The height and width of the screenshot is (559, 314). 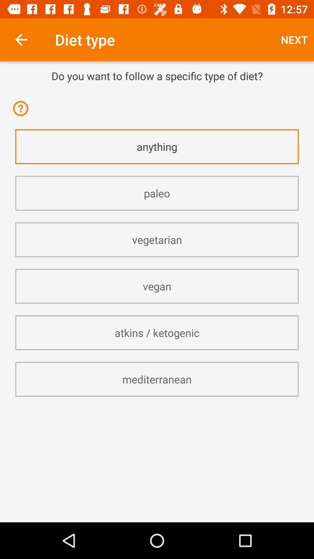 What do you see at coordinates (157, 91) in the screenshot?
I see `icon below do you want item` at bounding box center [157, 91].